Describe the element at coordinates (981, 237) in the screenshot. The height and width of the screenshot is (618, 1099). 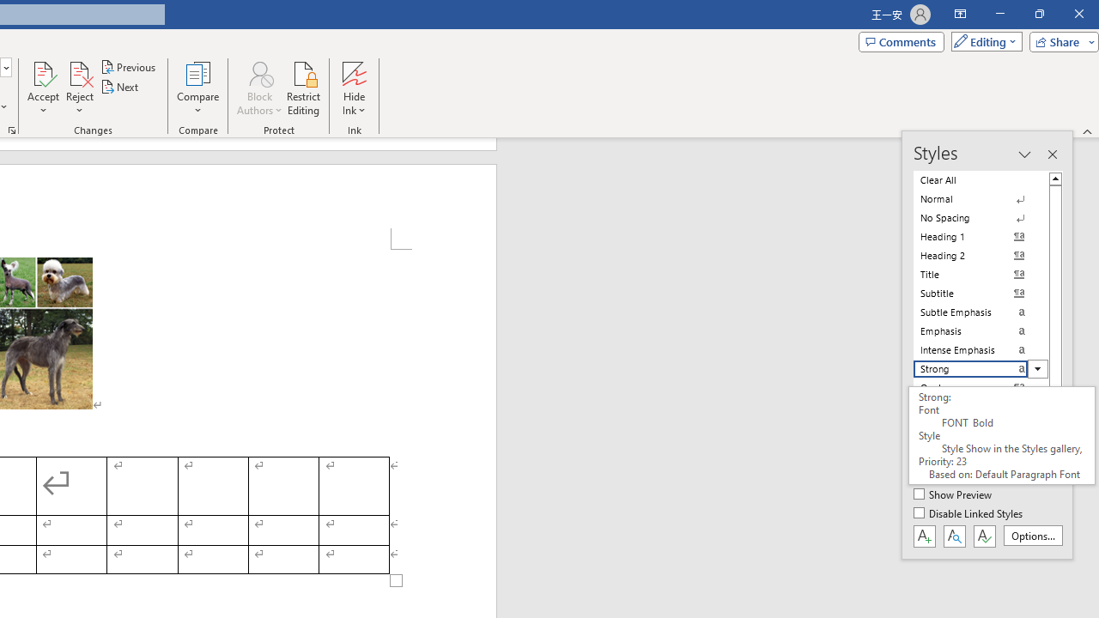
I see `'Heading 1'` at that location.